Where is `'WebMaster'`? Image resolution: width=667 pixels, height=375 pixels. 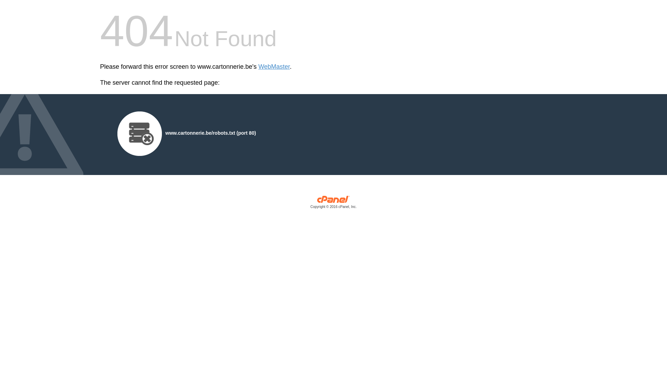 'WebMaster' is located at coordinates (274, 67).